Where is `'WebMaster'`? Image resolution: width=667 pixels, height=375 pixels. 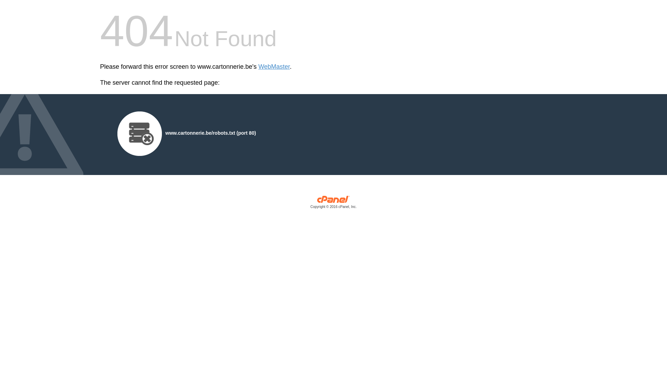 'WebMaster' is located at coordinates (274, 67).